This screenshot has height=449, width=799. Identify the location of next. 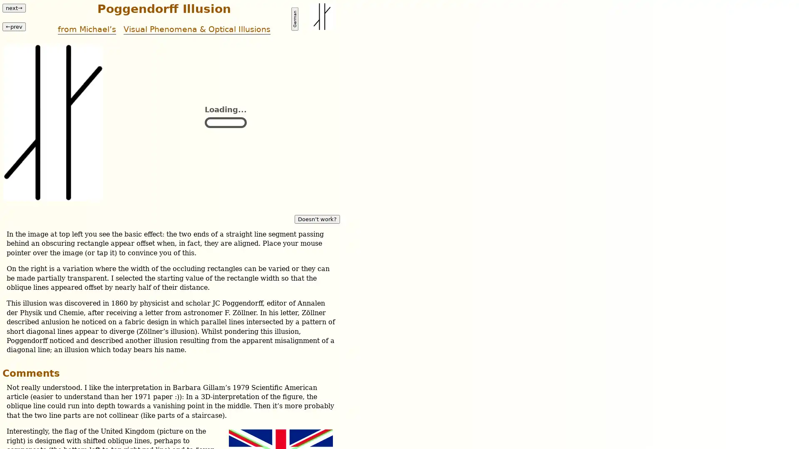
(14, 8).